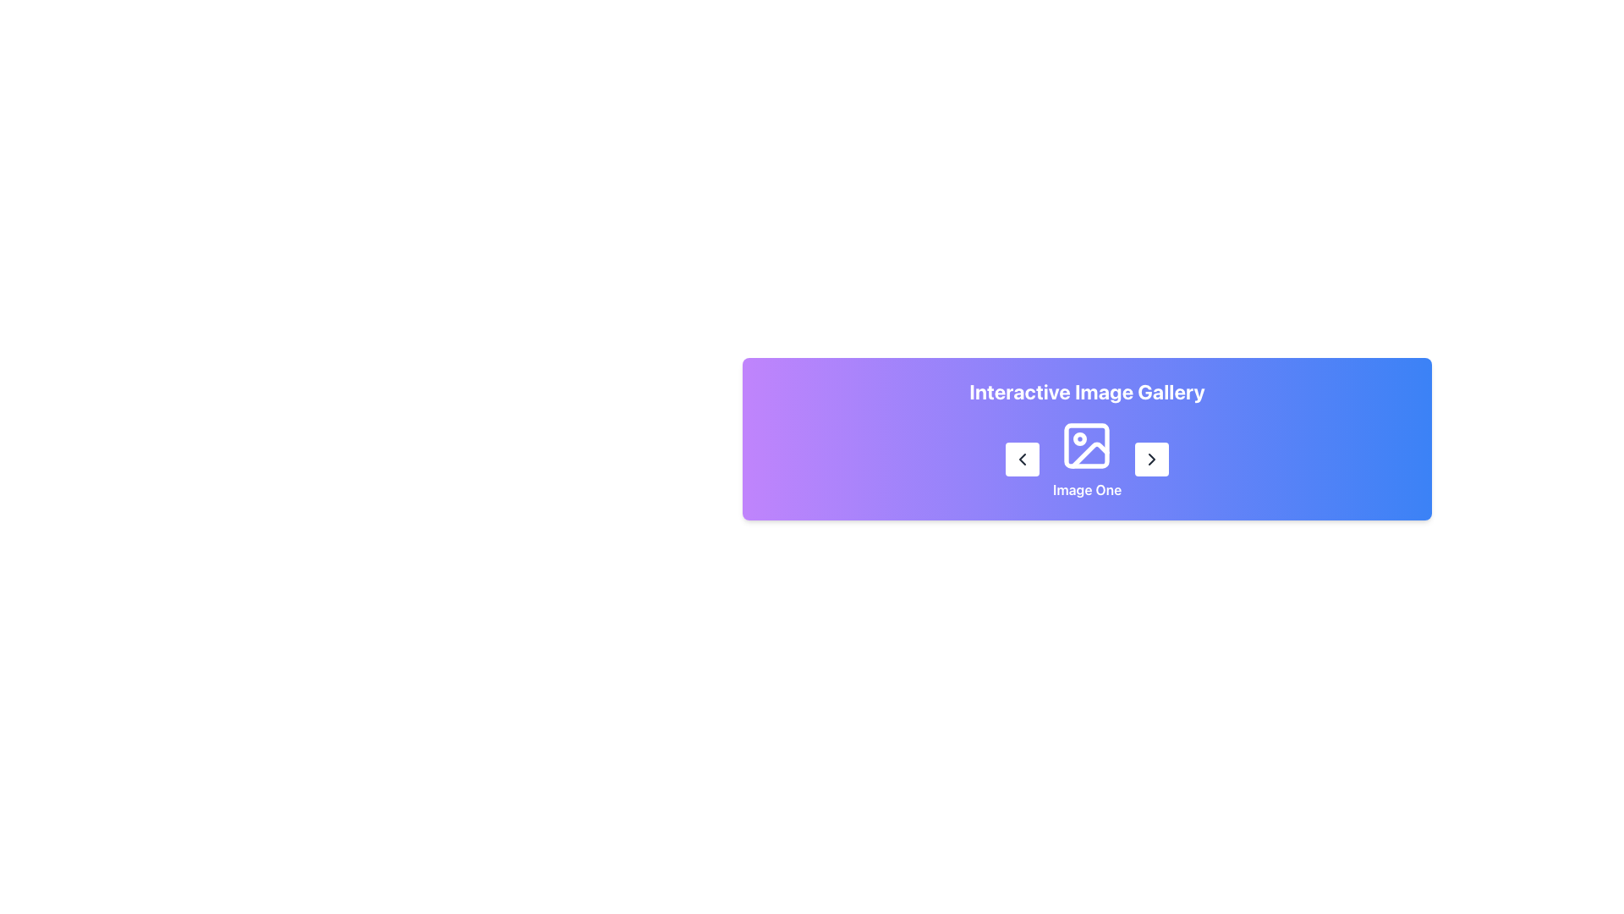 The width and height of the screenshot is (1624, 914). I want to click on the design of the image icon represented by the SVG graphic element located at the center of the gallery interface, so click(1087, 445).